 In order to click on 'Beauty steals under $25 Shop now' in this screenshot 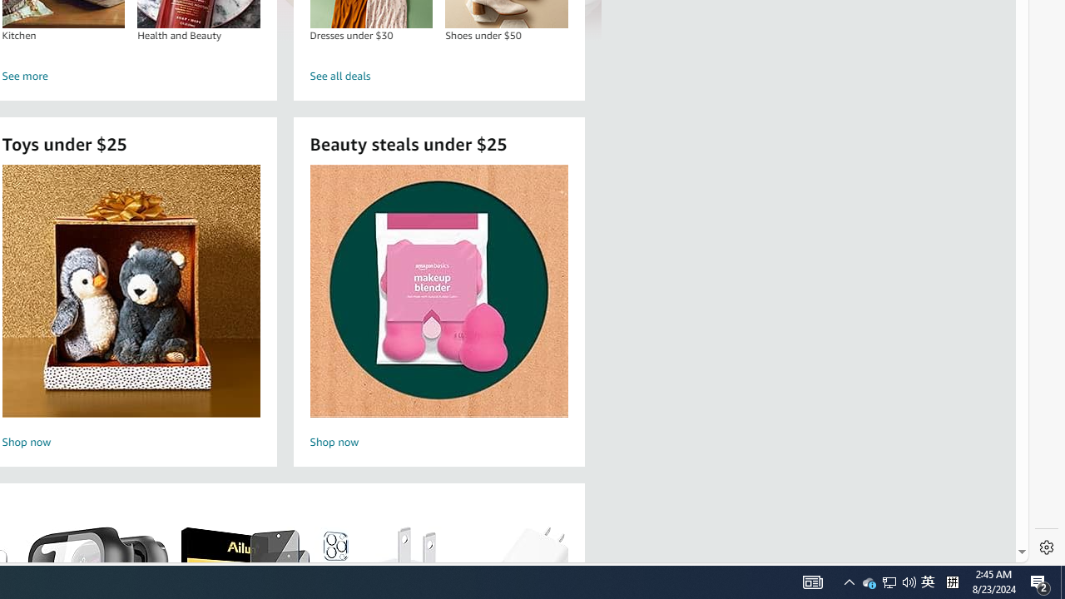, I will do `click(438, 309)`.